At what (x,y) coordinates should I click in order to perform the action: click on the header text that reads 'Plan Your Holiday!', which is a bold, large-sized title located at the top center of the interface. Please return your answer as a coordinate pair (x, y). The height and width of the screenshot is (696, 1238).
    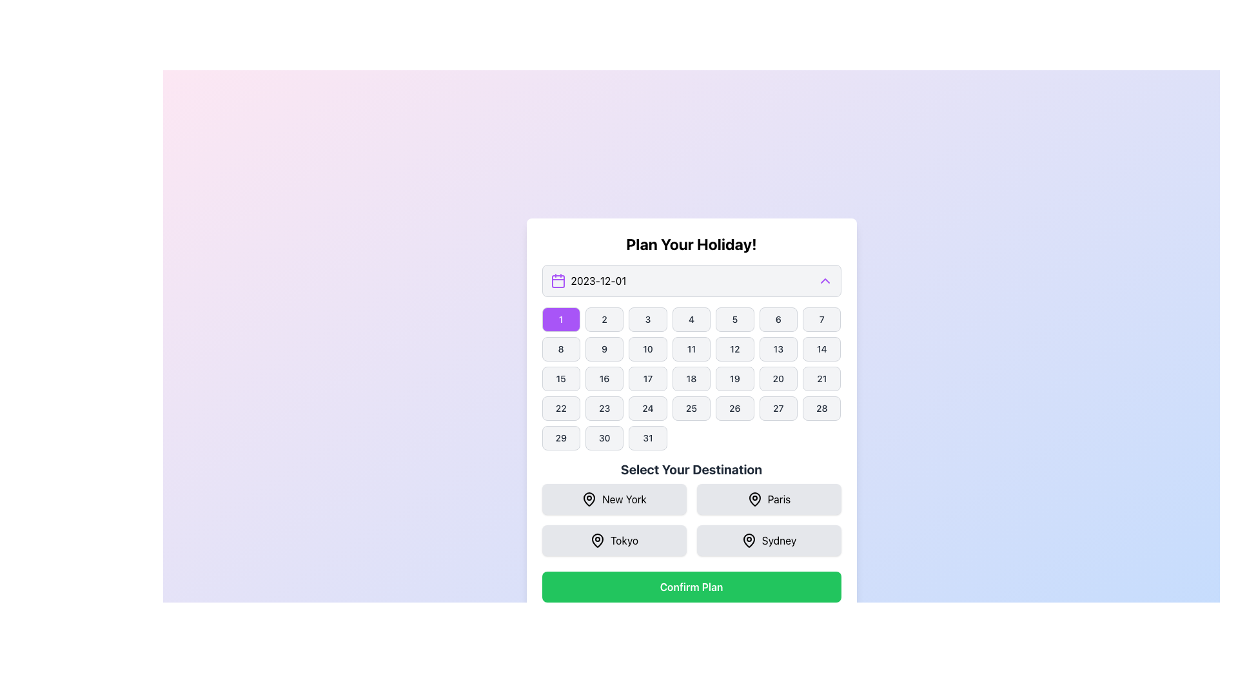
    Looking at the image, I should click on (691, 244).